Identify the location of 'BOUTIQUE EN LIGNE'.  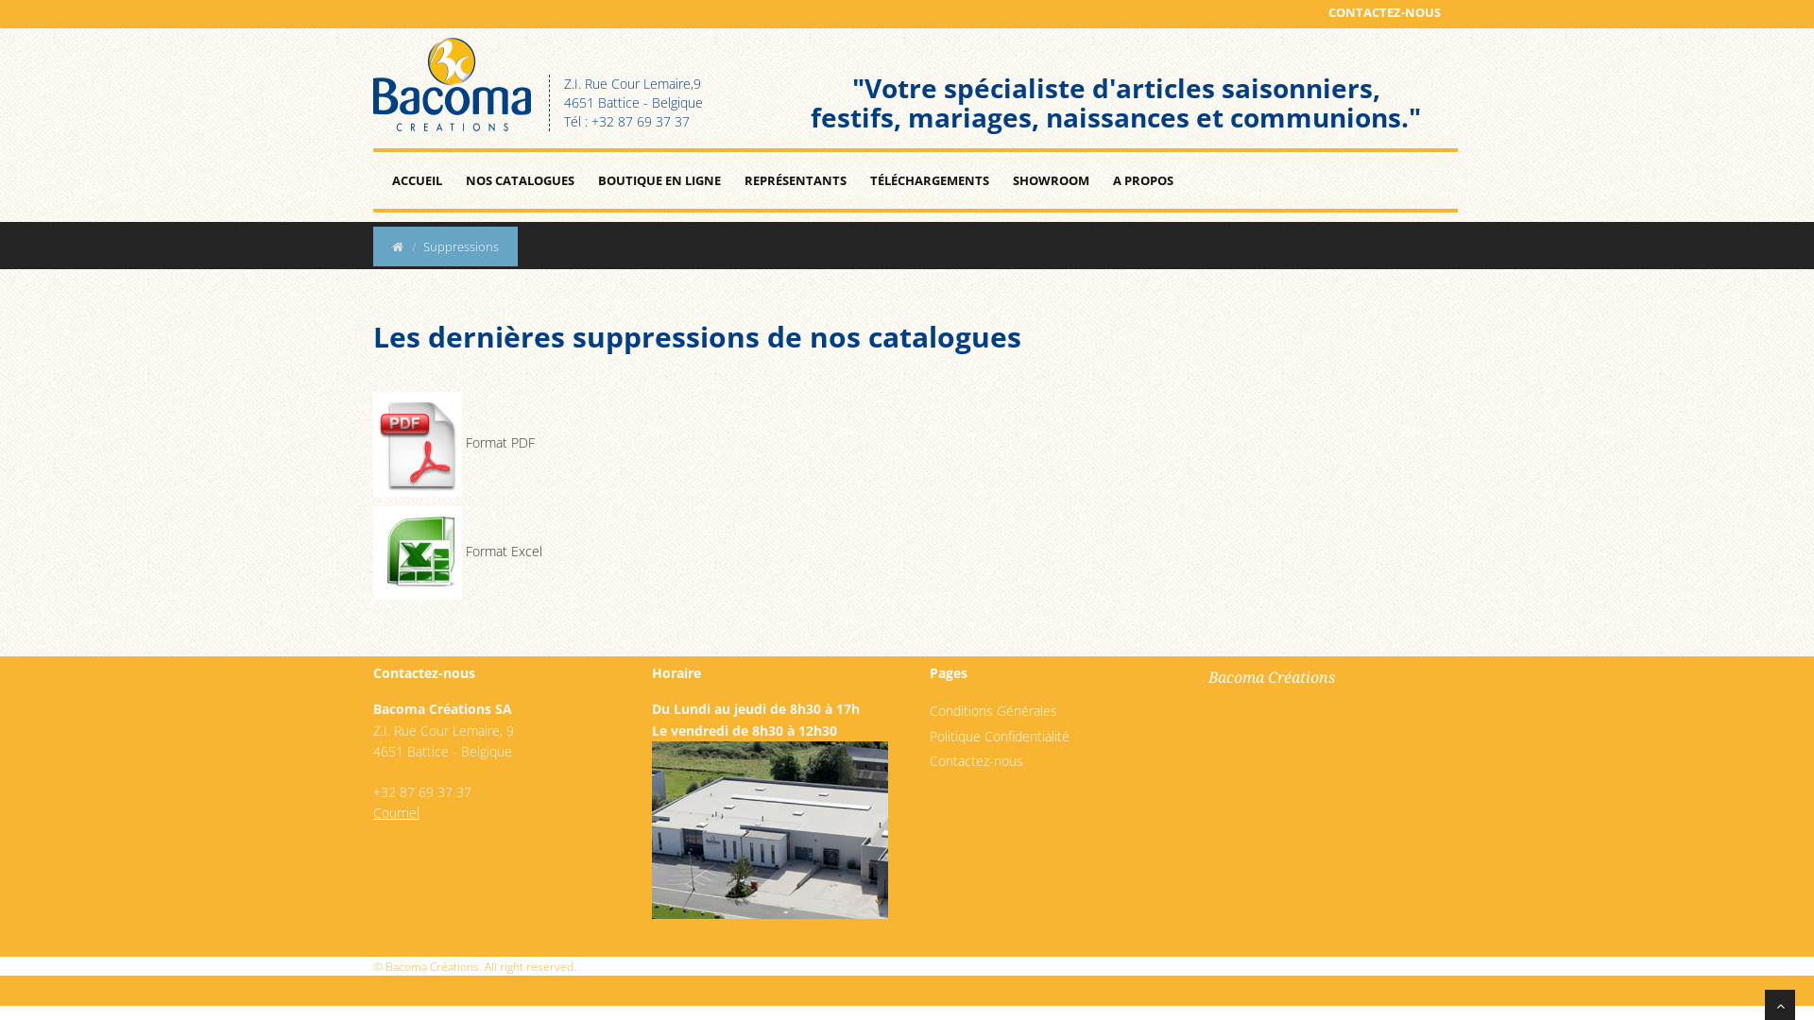
(659, 180).